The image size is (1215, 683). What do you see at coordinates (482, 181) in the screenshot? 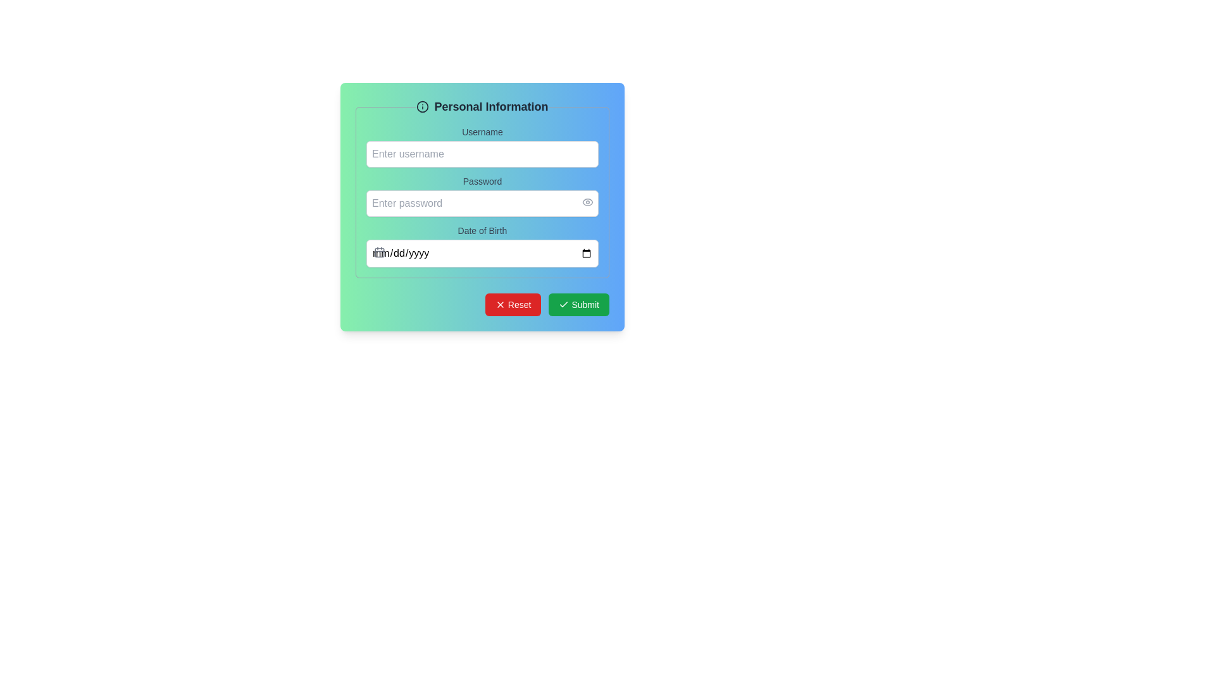
I see `the text label that identifies the password input field, which is positioned above the password input and below the username field` at bounding box center [482, 181].